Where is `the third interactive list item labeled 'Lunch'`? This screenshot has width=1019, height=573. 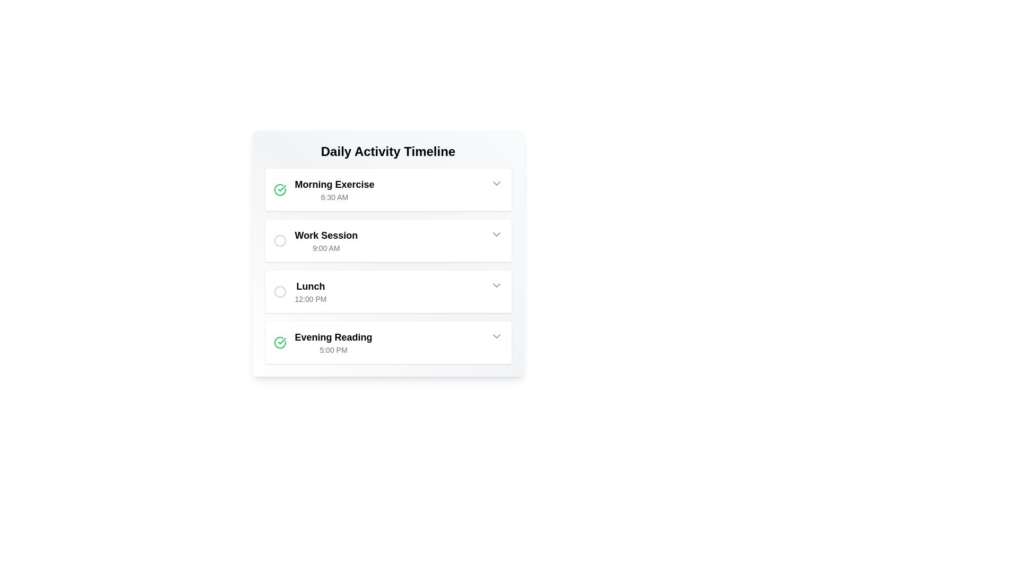
the third interactive list item labeled 'Lunch' is located at coordinates (387, 292).